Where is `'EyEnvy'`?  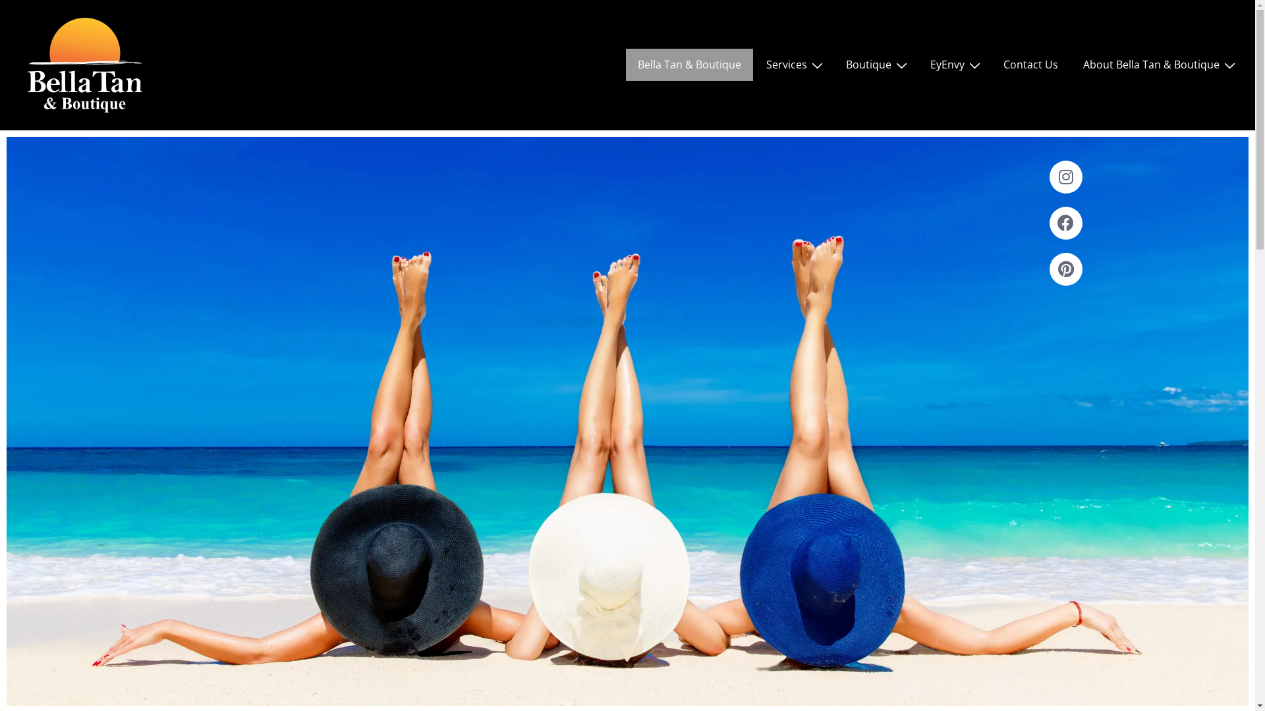
'EyEnvy' is located at coordinates (917, 65).